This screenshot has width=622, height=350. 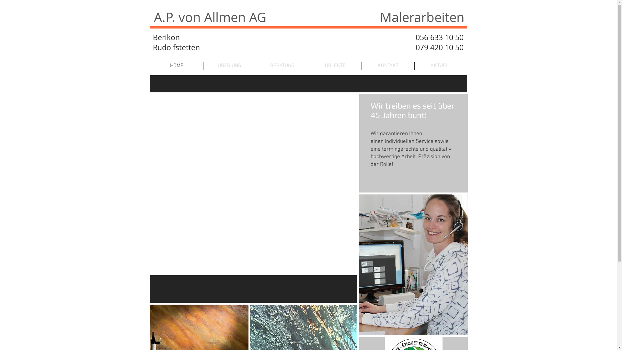 I want to click on 'HOME', so click(x=177, y=66).